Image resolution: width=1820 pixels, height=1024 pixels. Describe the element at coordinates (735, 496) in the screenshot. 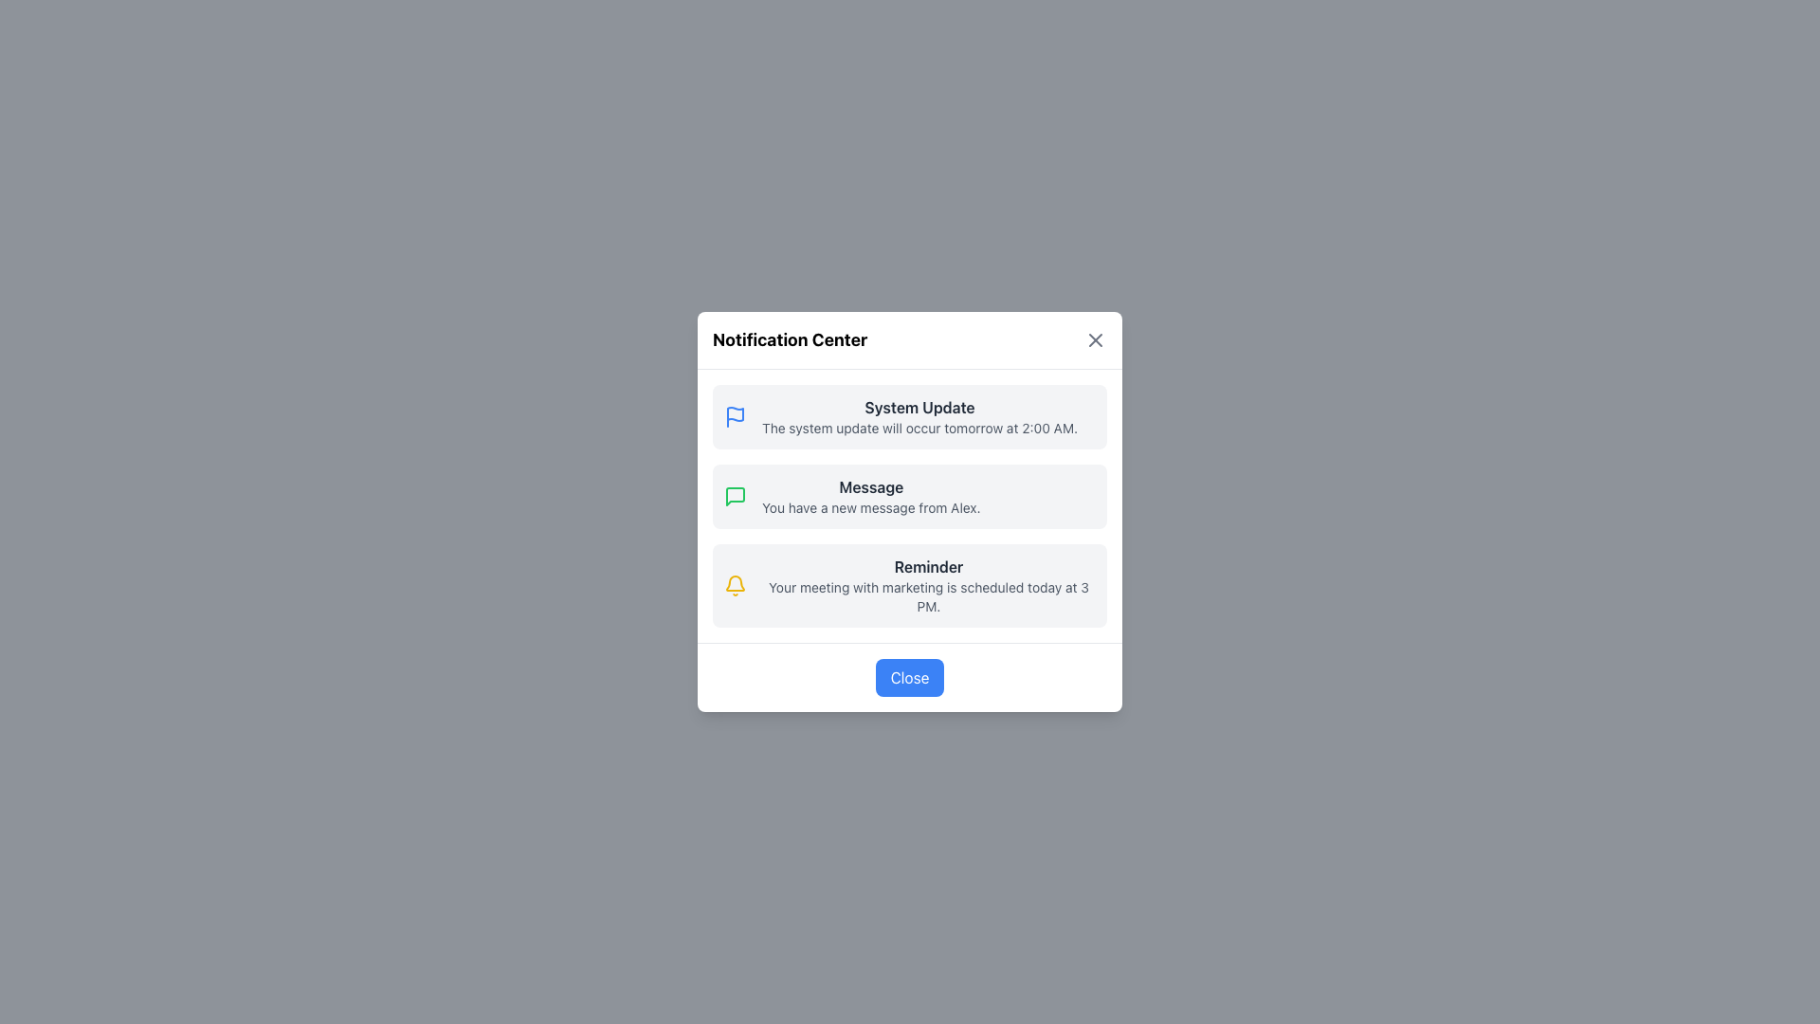

I see `the small green message icon located in the middle notification entry labeled 'Message'` at that location.